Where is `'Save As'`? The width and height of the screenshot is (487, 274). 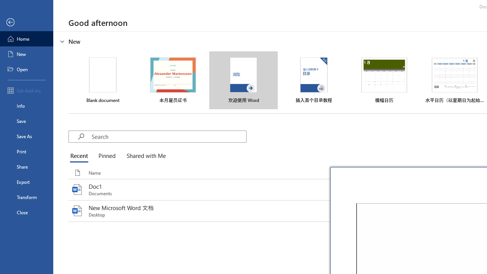
'Save As' is located at coordinates (26, 135).